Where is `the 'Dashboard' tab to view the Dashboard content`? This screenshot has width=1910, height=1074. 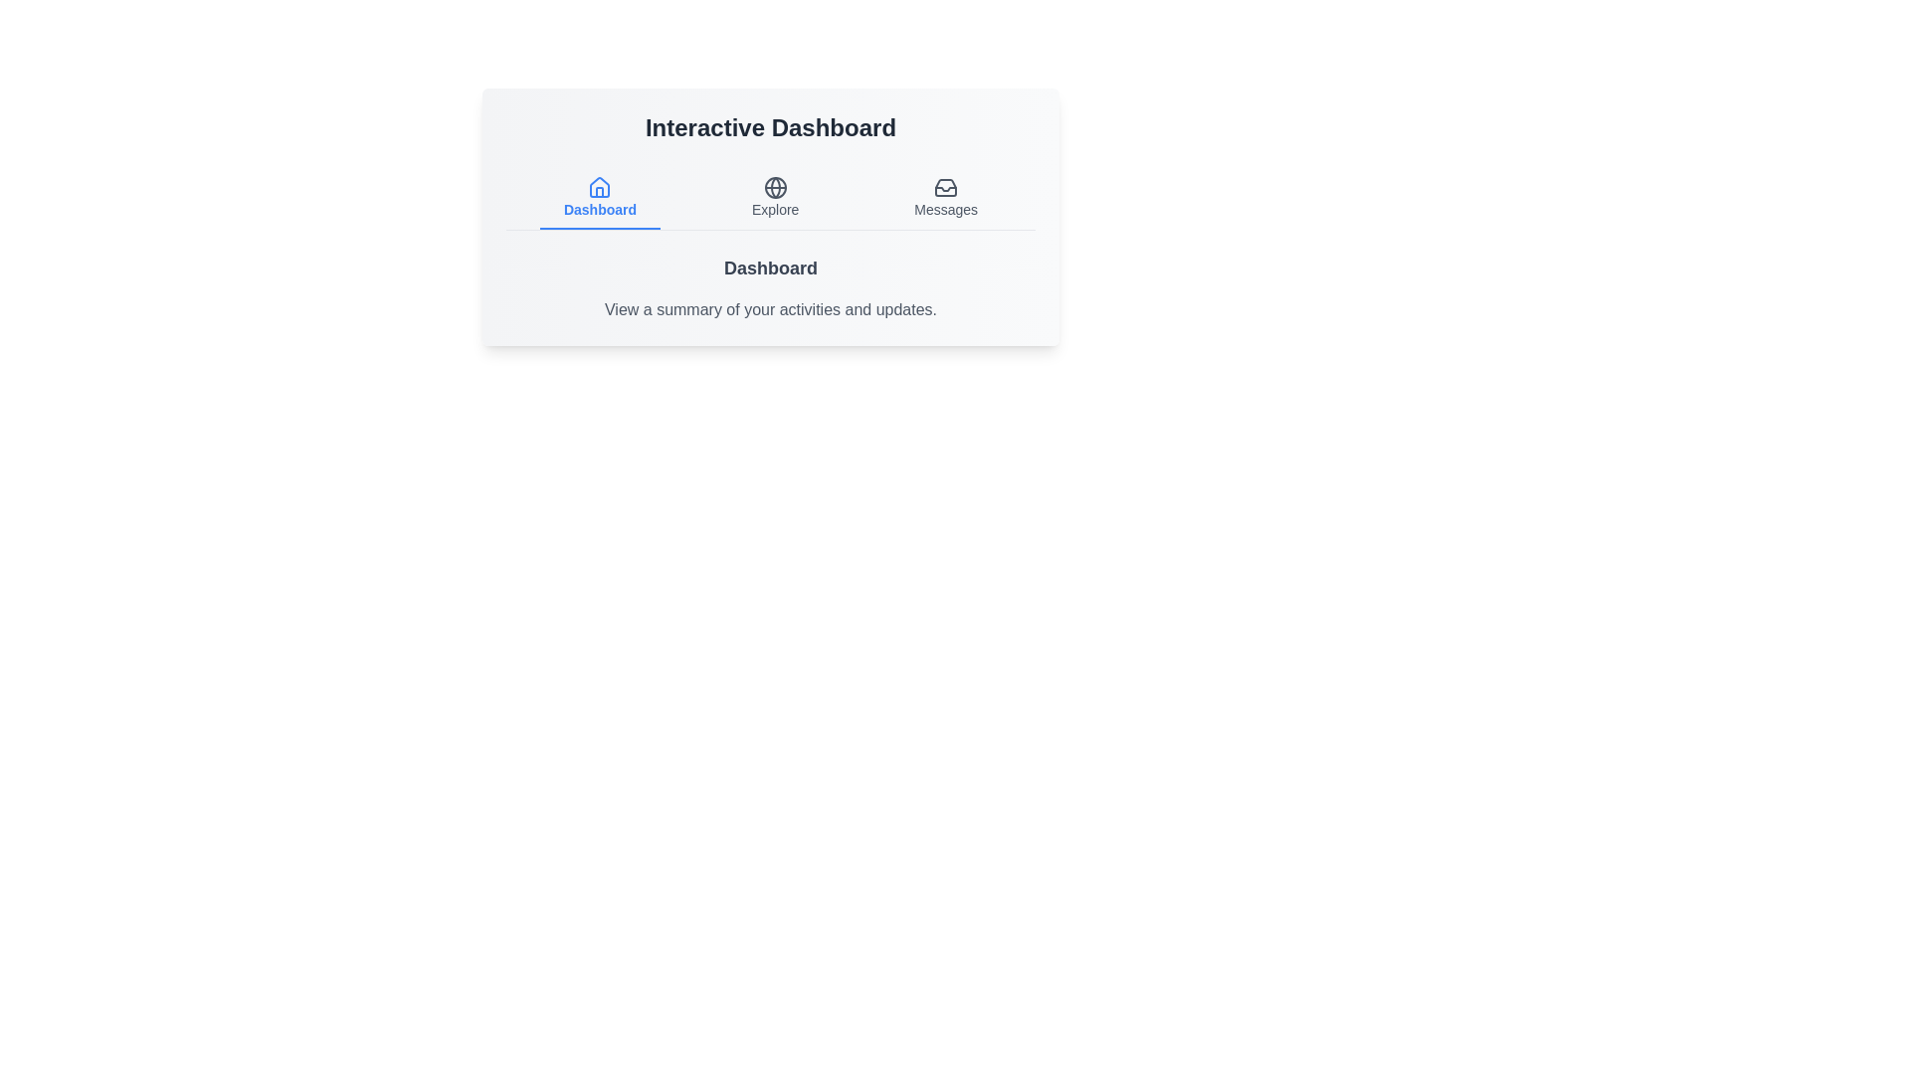
the 'Dashboard' tab to view the Dashboard content is located at coordinates (599, 199).